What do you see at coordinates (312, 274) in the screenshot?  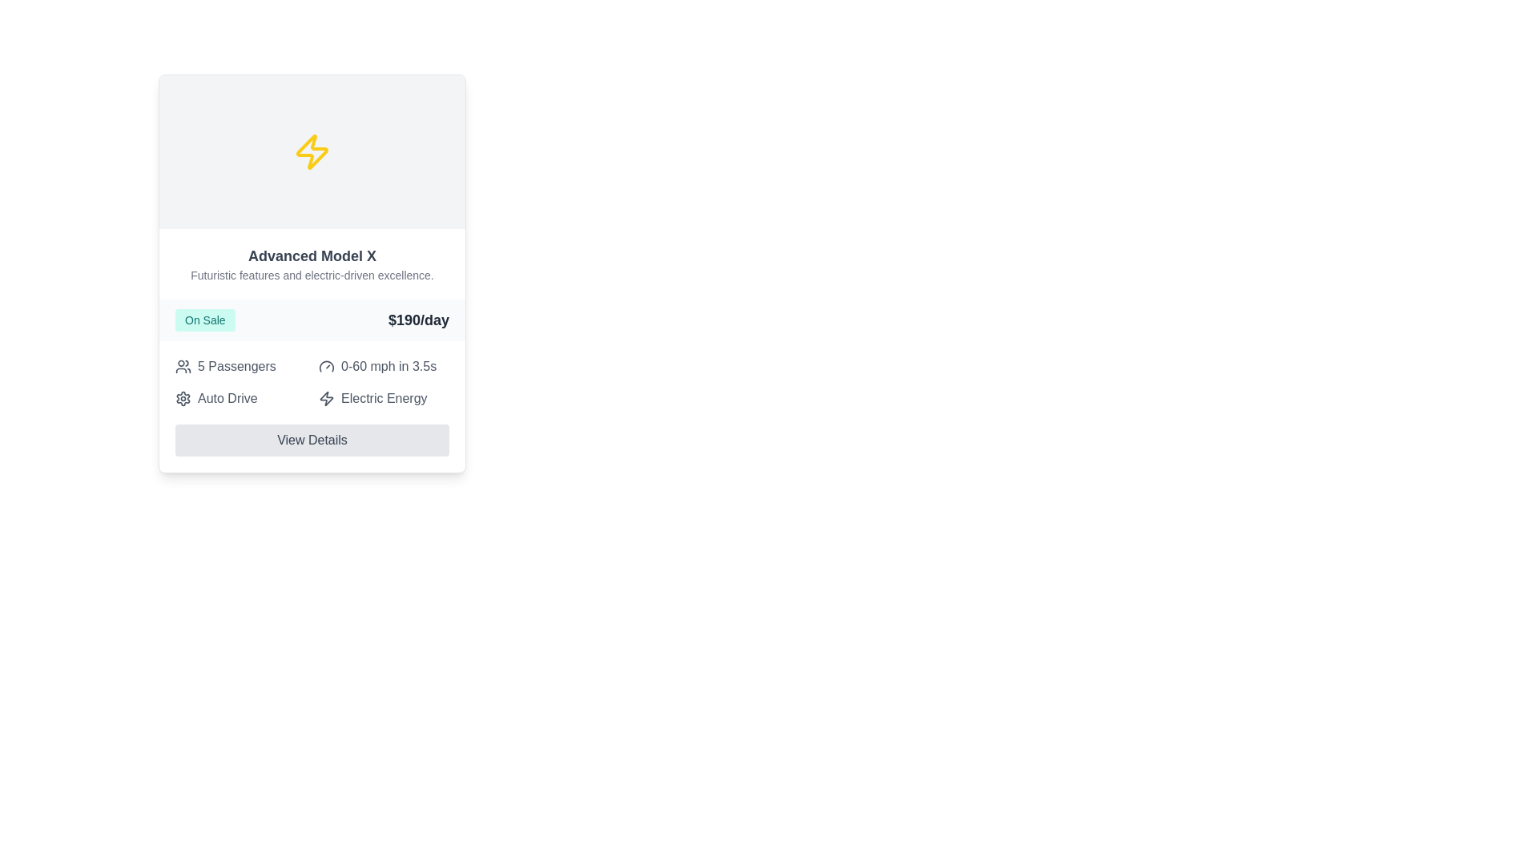 I see `the text display element that reads 'Futuristic features and electric-driven excellence.', which is located directly below the title 'Advanced Model X'` at bounding box center [312, 274].